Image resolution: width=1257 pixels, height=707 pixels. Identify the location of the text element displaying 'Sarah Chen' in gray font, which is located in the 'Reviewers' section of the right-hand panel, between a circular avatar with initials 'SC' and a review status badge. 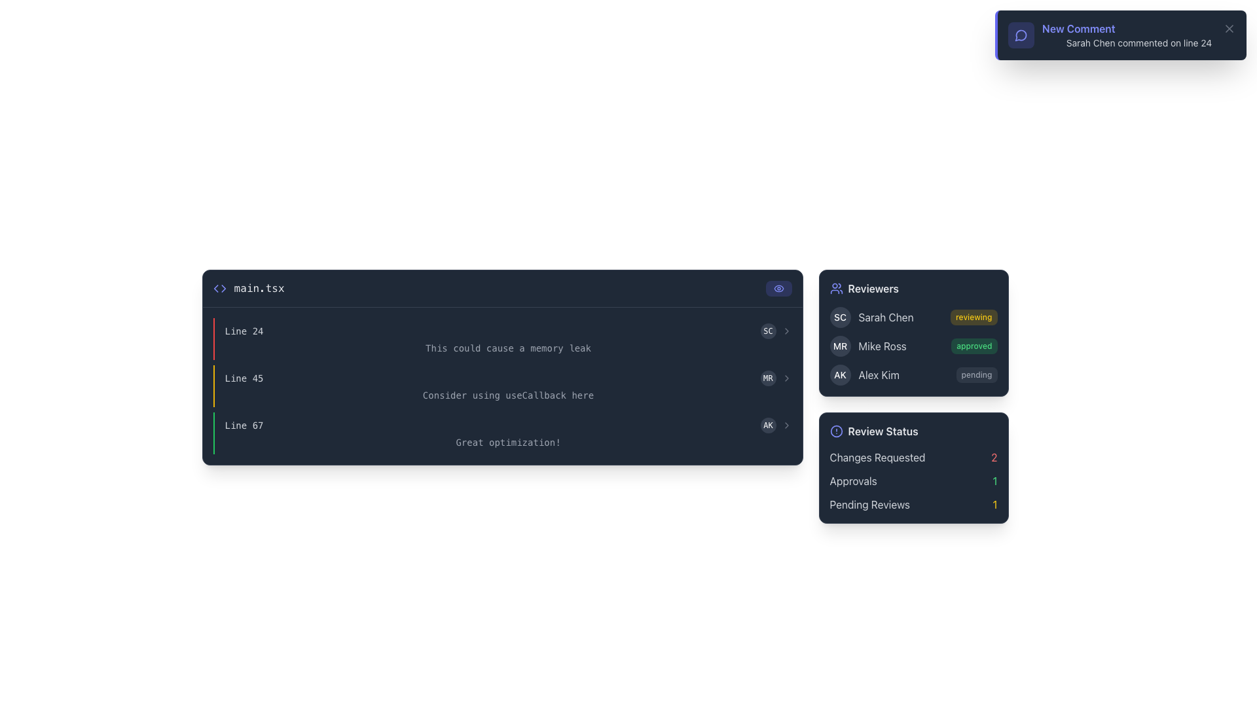
(886, 317).